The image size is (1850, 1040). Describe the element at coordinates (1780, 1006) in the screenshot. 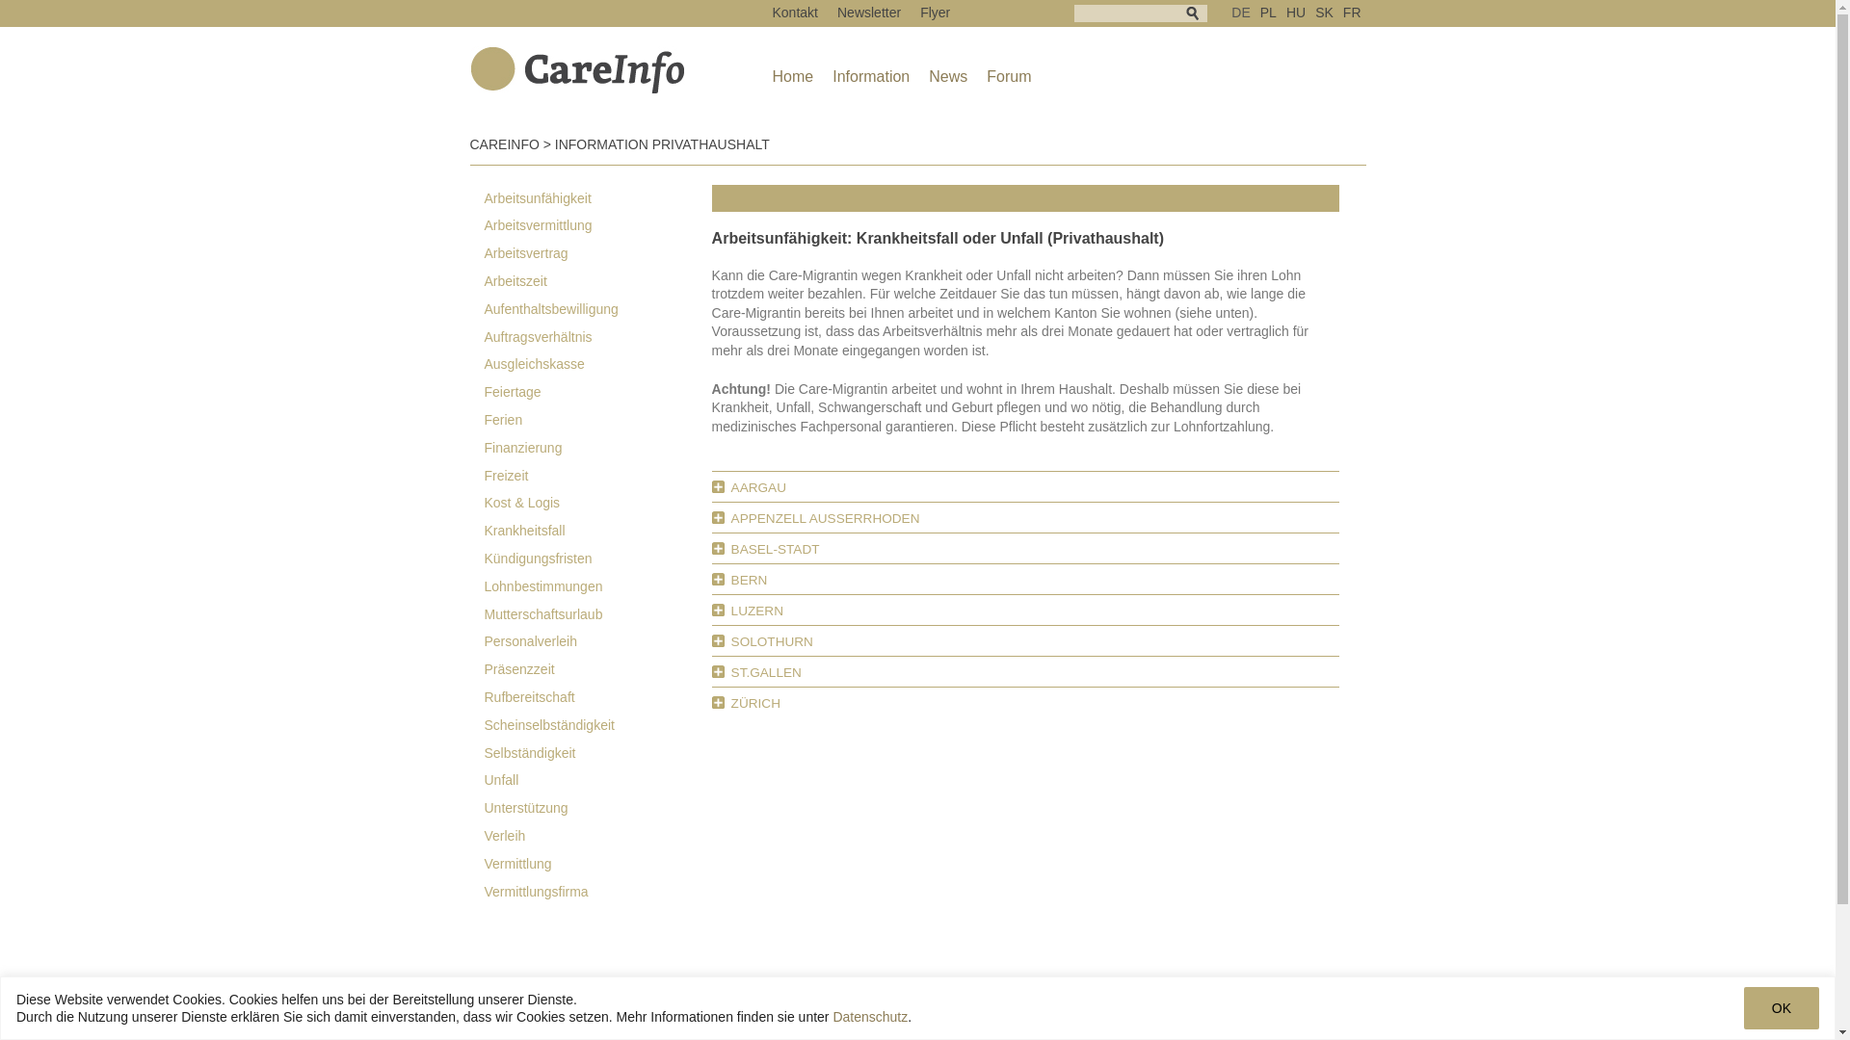

I see `'OK'` at that location.